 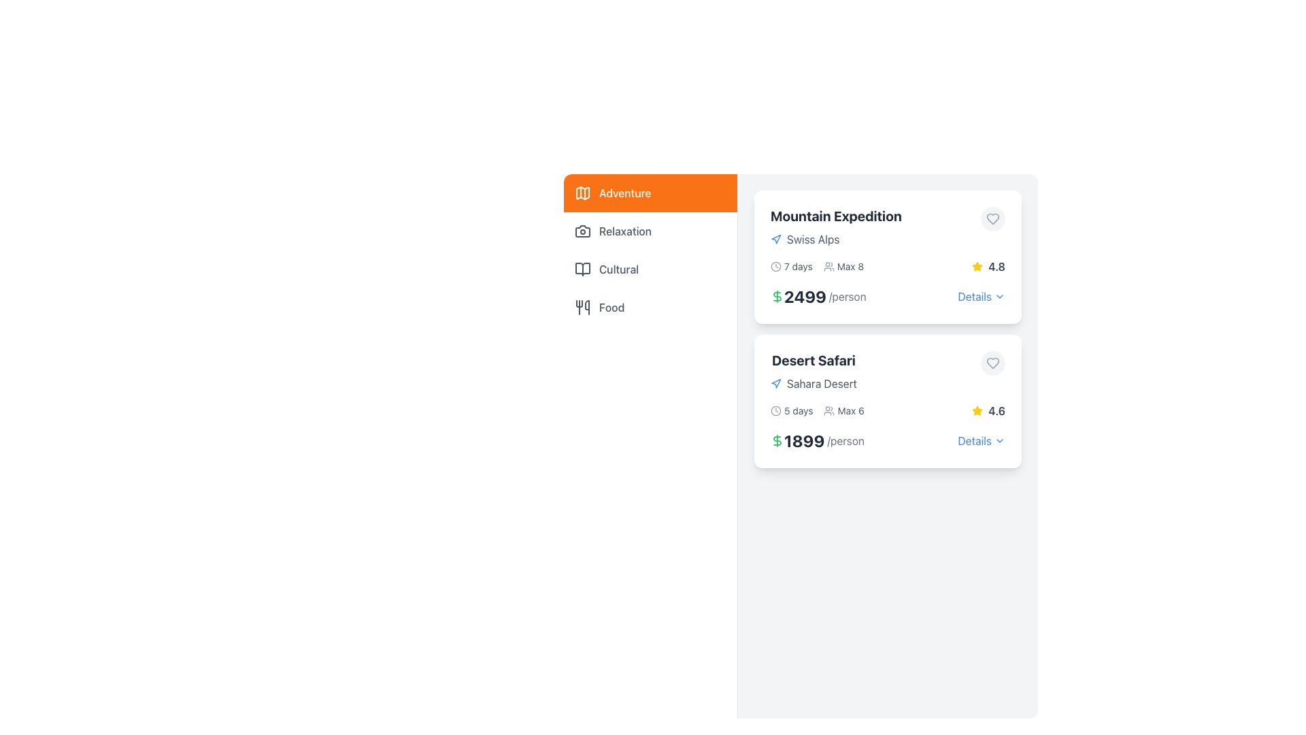 What do you see at coordinates (988, 267) in the screenshot?
I see `the numeric text area of the Rating display located in the upper right corner of the top card in the right panel, adjacent to the 'Details' link` at bounding box center [988, 267].